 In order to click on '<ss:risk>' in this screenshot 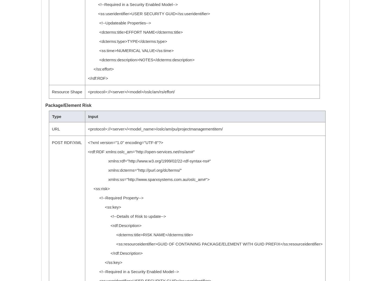, I will do `click(98, 189)`.